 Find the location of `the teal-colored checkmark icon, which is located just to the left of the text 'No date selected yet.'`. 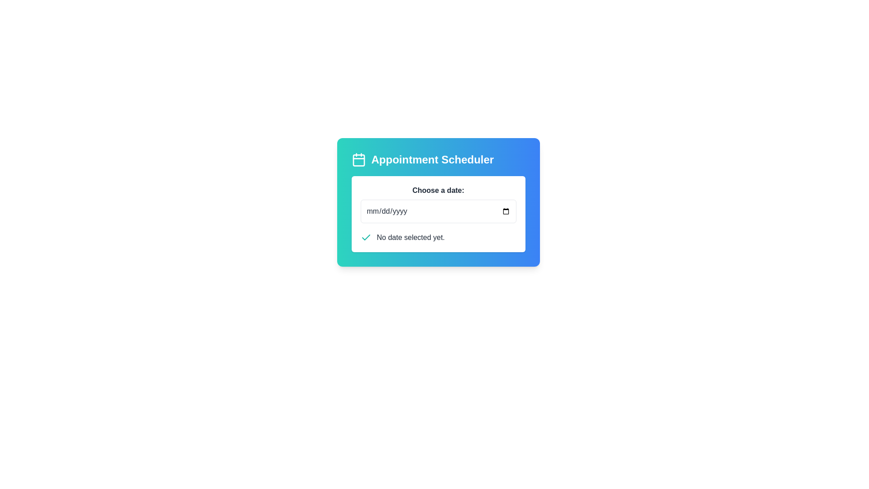

the teal-colored checkmark icon, which is located just to the left of the text 'No date selected yet.' is located at coordinates (366, 237).